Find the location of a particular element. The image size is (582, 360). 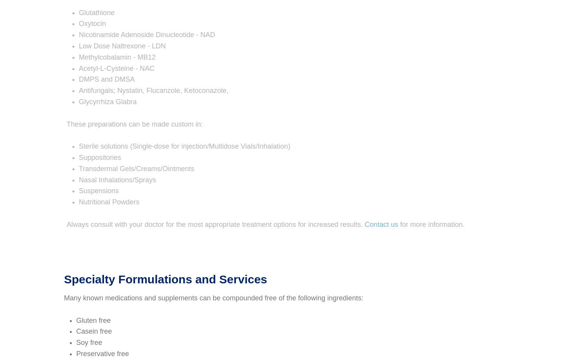

'Low Dose Naltrexone - LDN' is located at coordinates (113, 46).